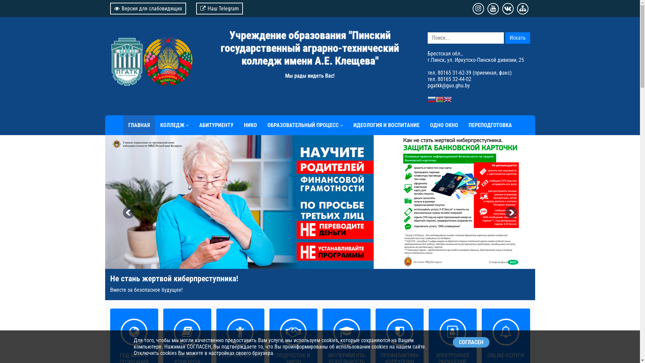 Image resolution: width=645 pixels, height=363 pixels. Describe the element at coordinates (447, 99) in the screenshot. I see `'English'` at that location.